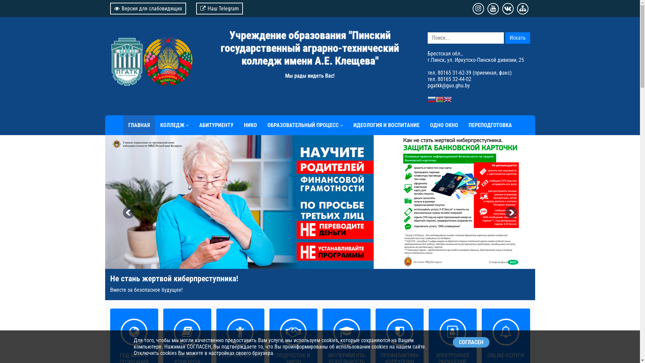 Image resolution: width=645 pixels, height=363 pixels. Describe the element at coordinates (447, 99) in the screenshot. I see `'English'` at that location.